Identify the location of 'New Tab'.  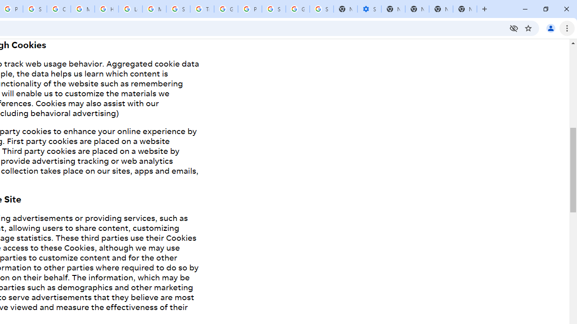
(465, 9).